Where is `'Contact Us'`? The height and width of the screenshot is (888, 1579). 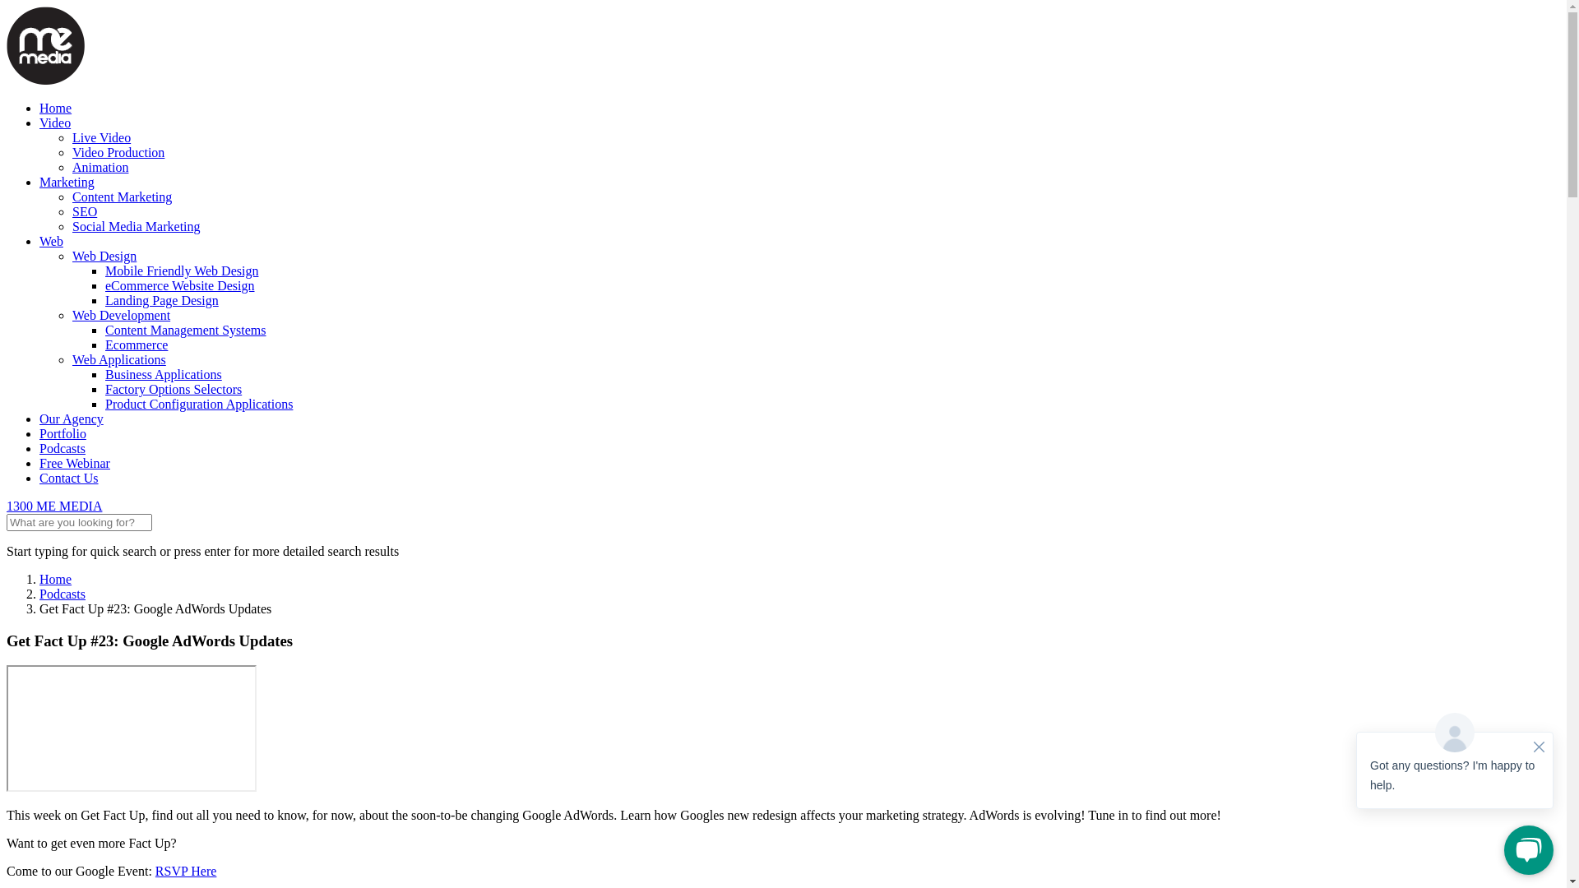
'Contact Us' is located at coordinates (39, 478).